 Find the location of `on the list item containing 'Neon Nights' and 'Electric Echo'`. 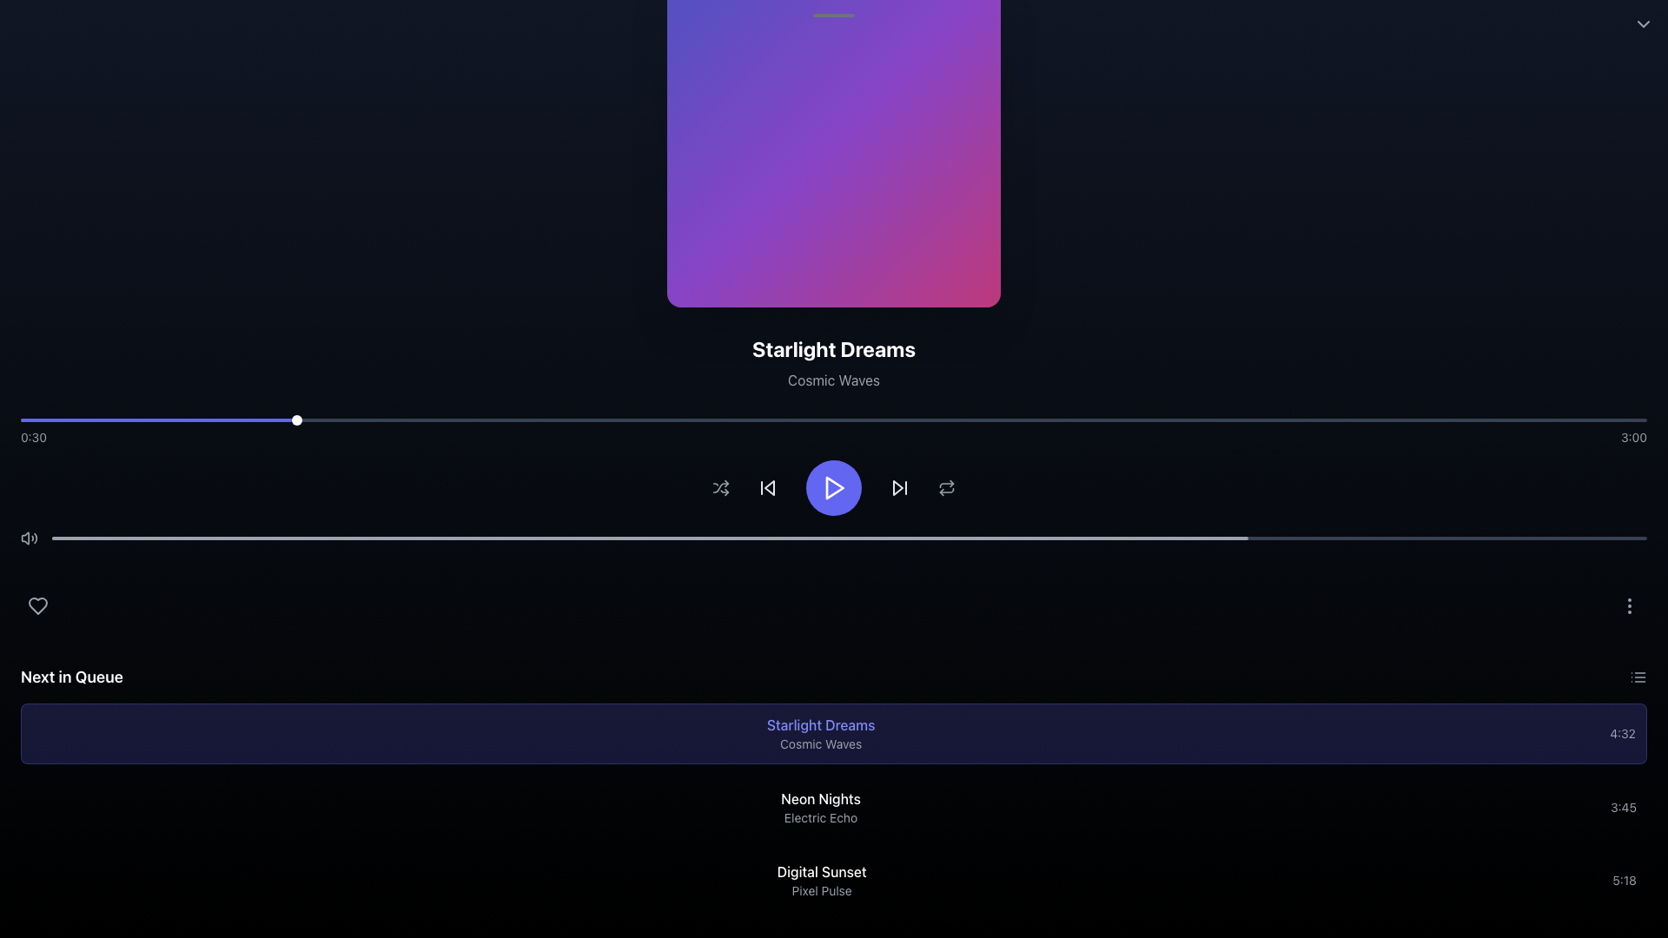

on the list item containing 'Neon Nights' and 'Electric Echo' is located at coordinates (834, 807).